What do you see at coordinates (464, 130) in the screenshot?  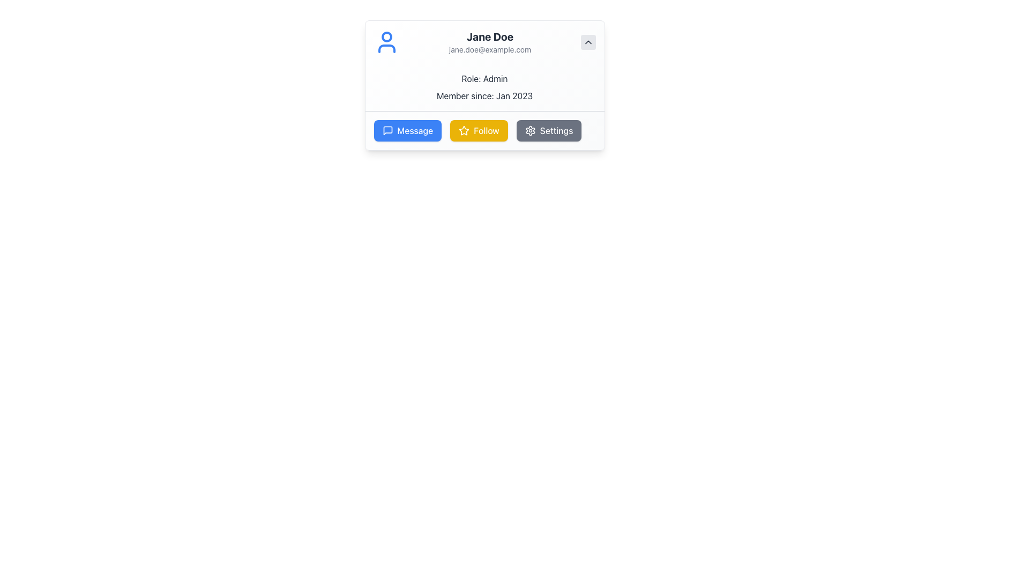 I see `the decorative icon inside the yellow 'Follow' button, which is centrally positioned and signifies the button's action` at bounding box center [464, 130].